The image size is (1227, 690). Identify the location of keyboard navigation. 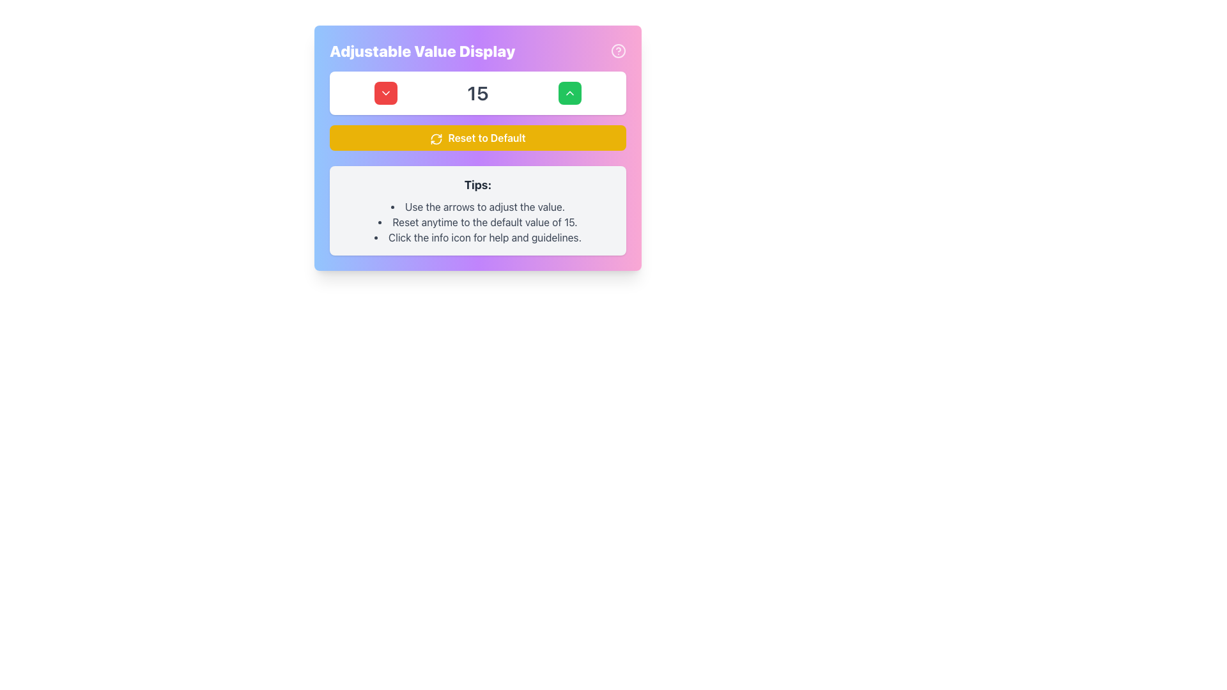
(569, 93).